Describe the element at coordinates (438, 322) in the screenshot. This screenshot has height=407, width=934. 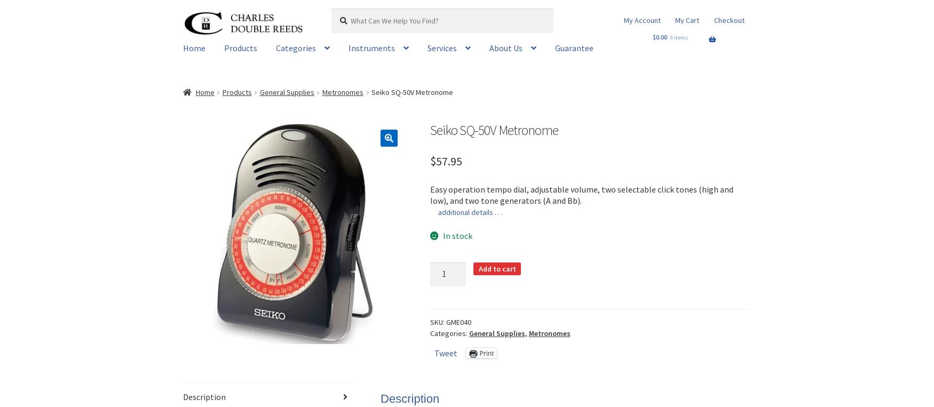
I see `'SKU:'` at that location.